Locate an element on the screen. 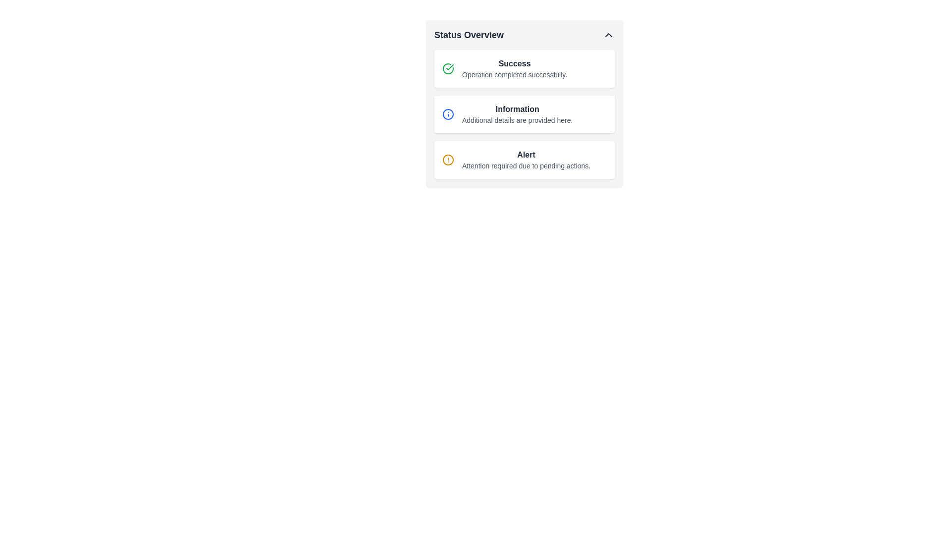 The height and width of the screenshot is (535, 951). the circular icon with a blue outline and a smaller blue dot, located to the left of the 'Information' label in the status overview card is located at coordinates (448, 114).